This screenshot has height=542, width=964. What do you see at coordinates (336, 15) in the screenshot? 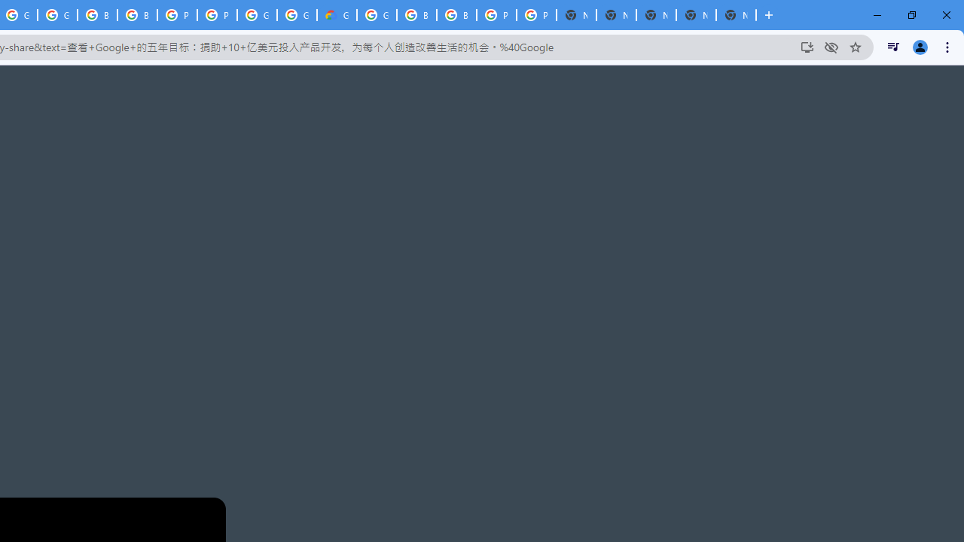
I see `'Google Cloud Estimate Summary'` at bounding box center [336, 15].